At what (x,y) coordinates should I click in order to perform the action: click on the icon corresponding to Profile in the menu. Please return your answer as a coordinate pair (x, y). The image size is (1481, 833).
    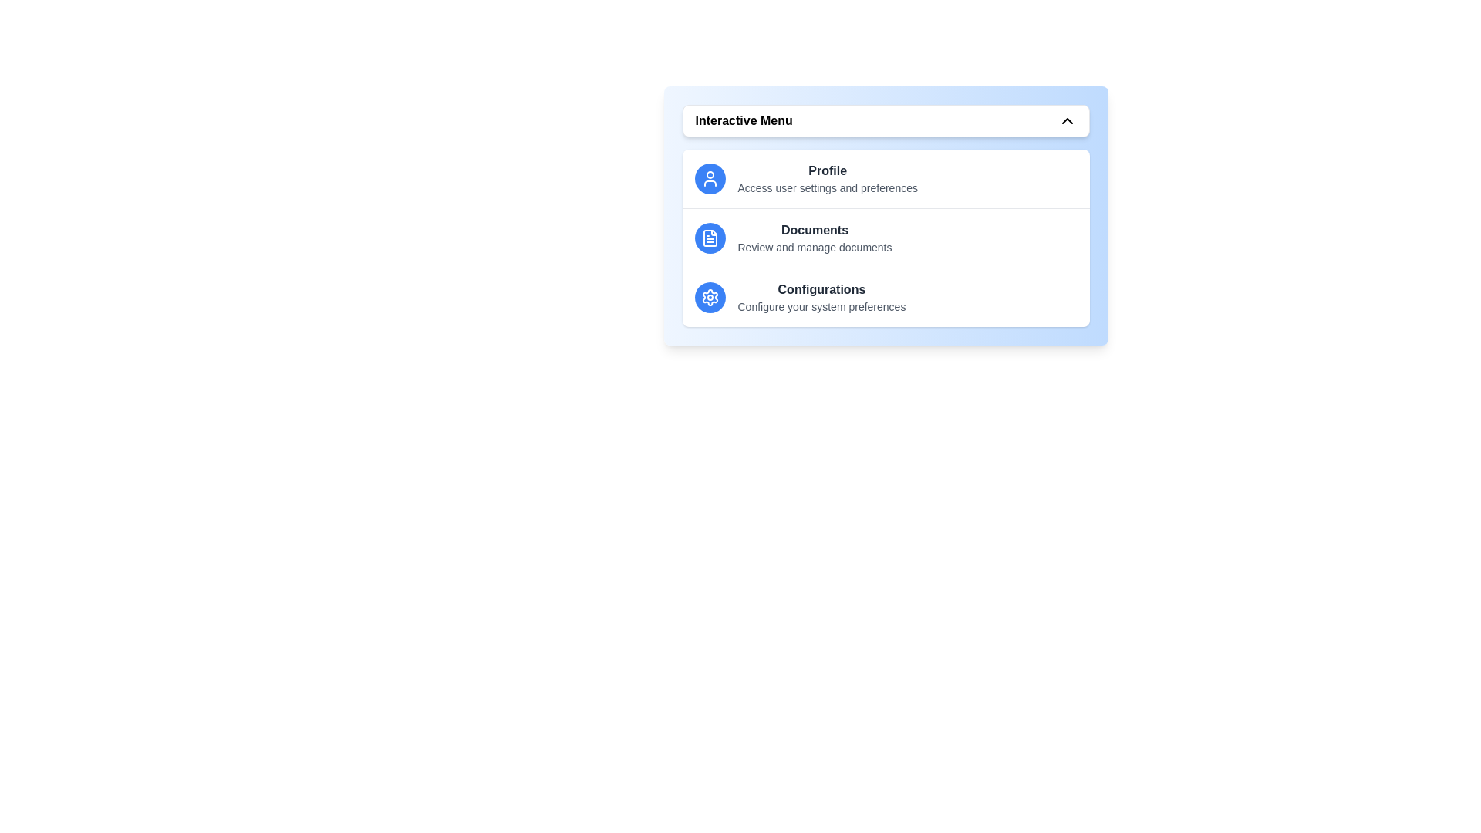
    Looking at the image, I should click on (709, 177).